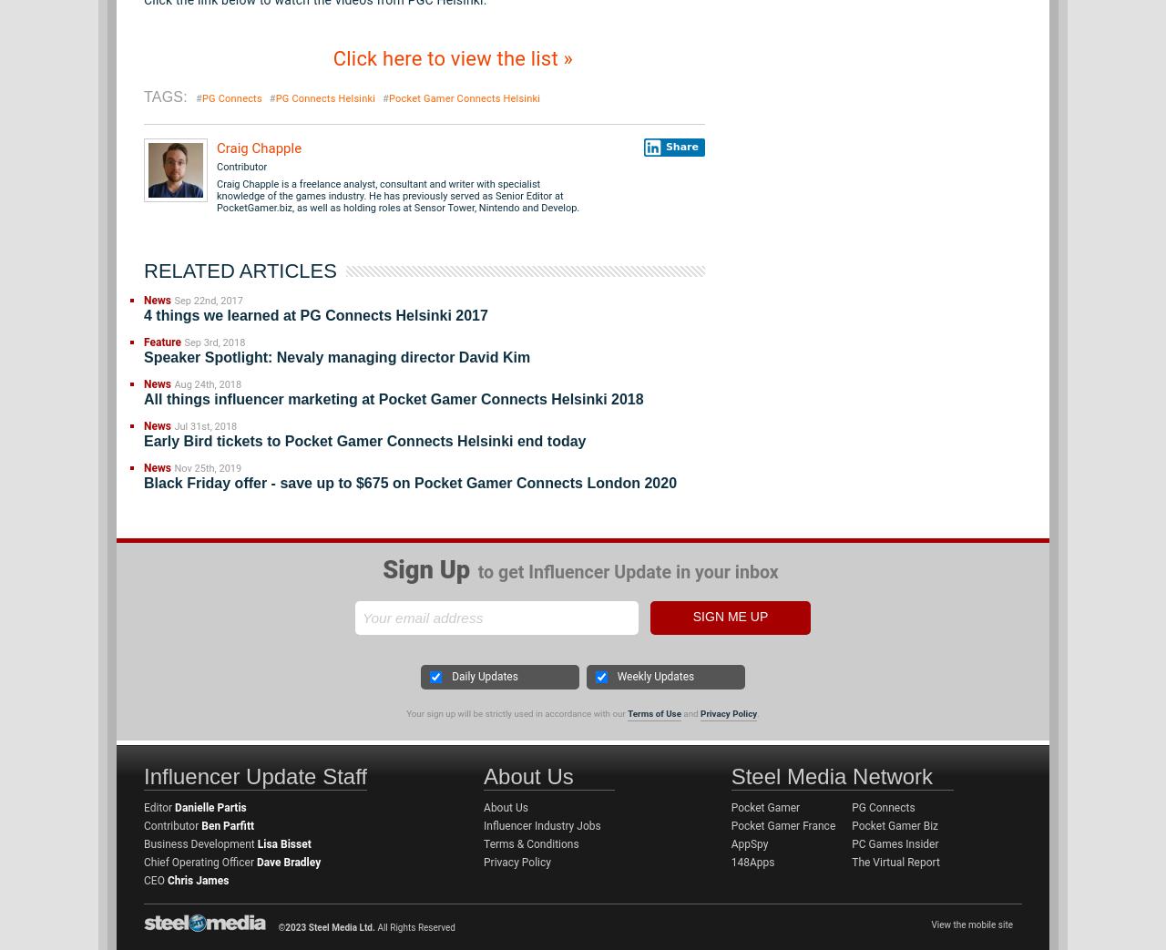  I want to click on 'Feature', so click(162, 342).